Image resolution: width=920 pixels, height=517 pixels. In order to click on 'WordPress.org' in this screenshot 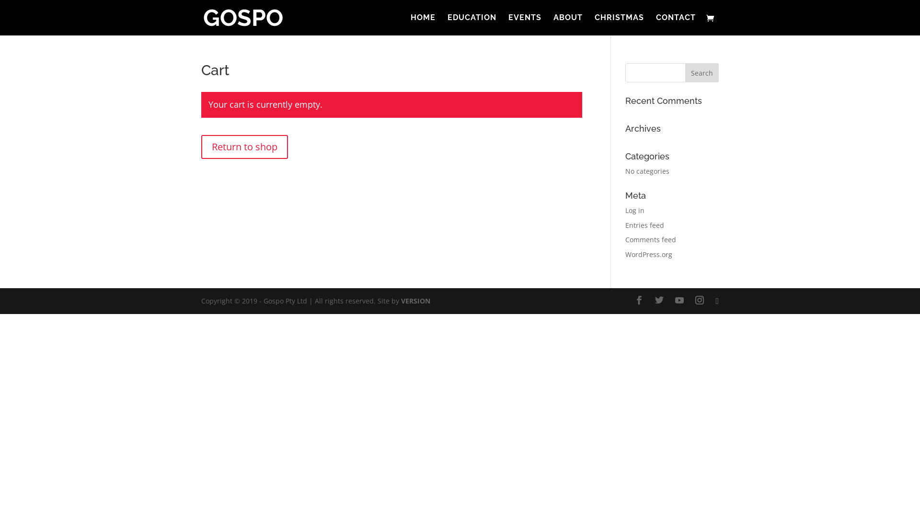, I will do `click(648, 254)`.